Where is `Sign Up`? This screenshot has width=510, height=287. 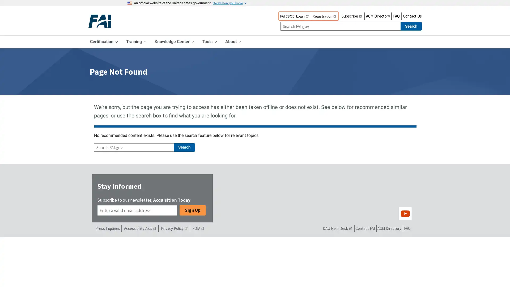 Sign Up is located at coordinates (192, 210).